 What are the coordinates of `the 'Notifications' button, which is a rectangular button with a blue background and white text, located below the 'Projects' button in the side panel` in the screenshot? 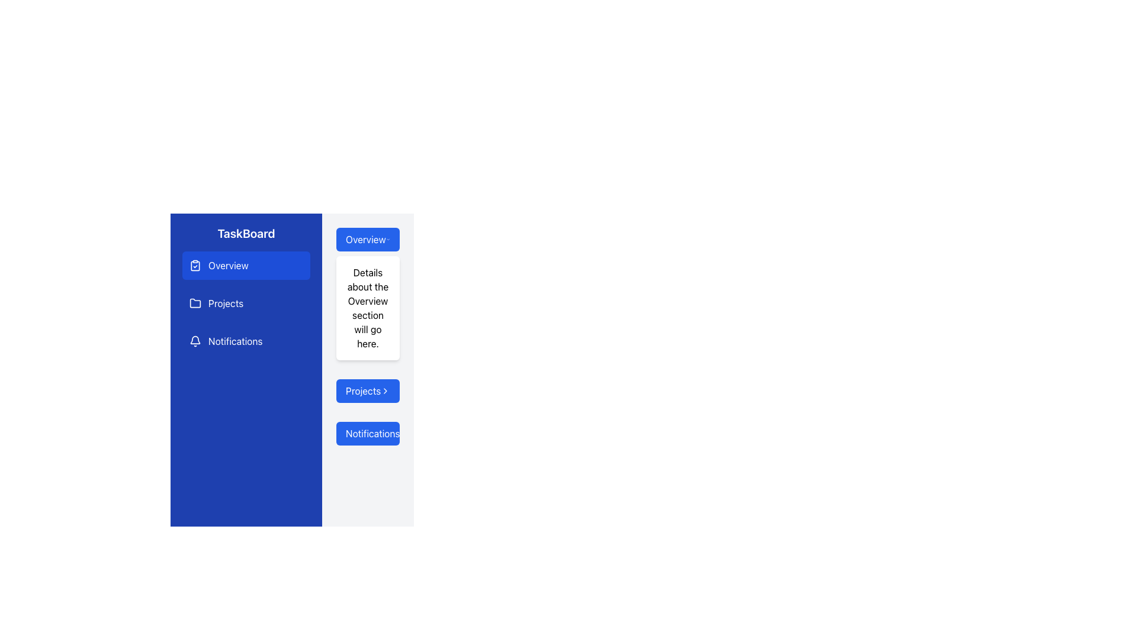 It's located at (367, 433).